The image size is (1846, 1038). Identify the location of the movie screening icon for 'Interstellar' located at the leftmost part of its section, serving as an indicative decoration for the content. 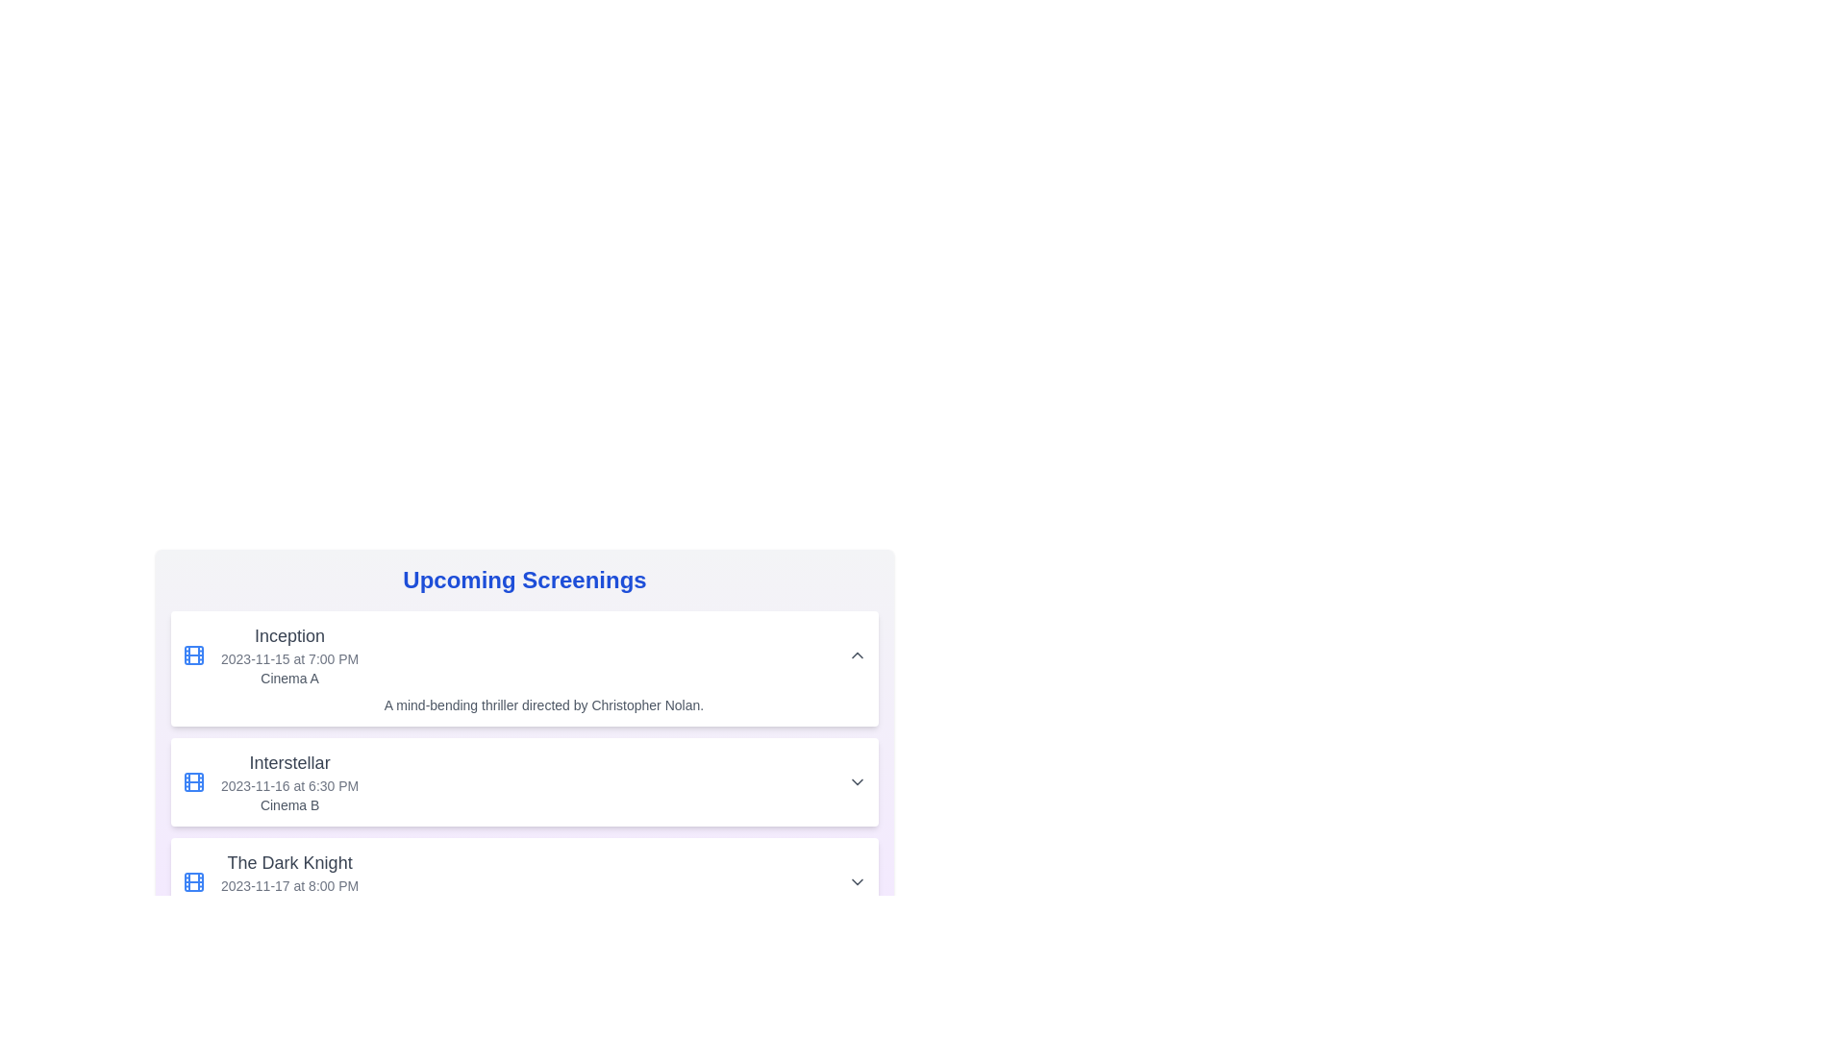
(193, 781).